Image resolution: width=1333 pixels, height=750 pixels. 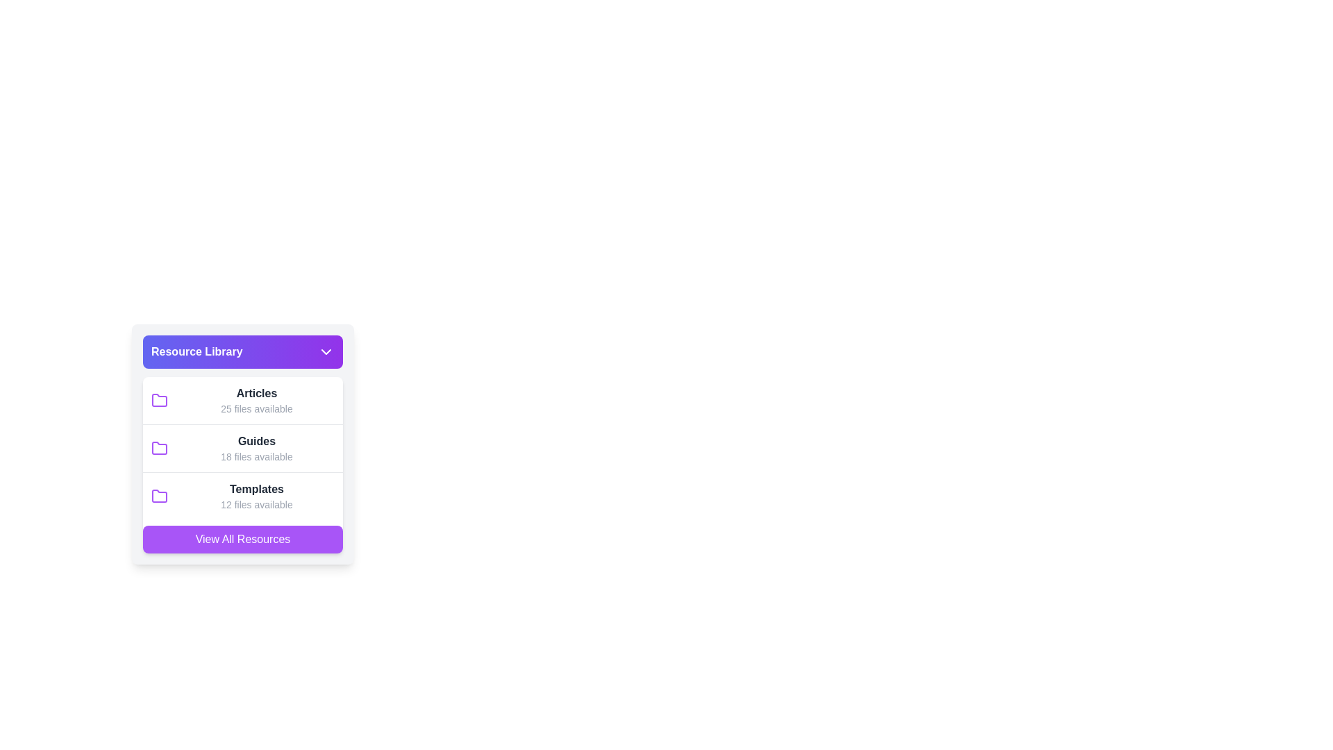 I want to click on the folder icon with a purple outline located to the left of the 'Guides' text in the resources list, directly below the 'Articles' folder, so click(x=160, y=448).